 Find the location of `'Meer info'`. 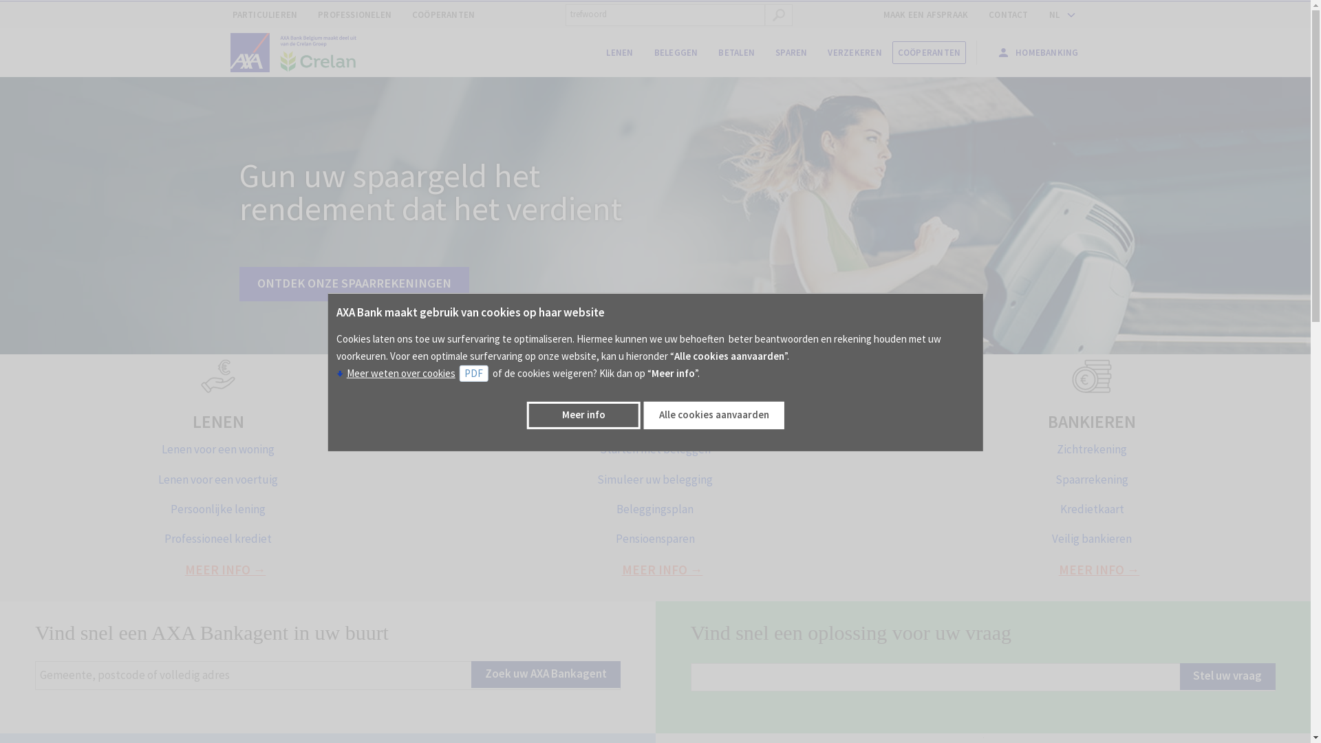

'Meer info' is located at coordinates (583, 415).